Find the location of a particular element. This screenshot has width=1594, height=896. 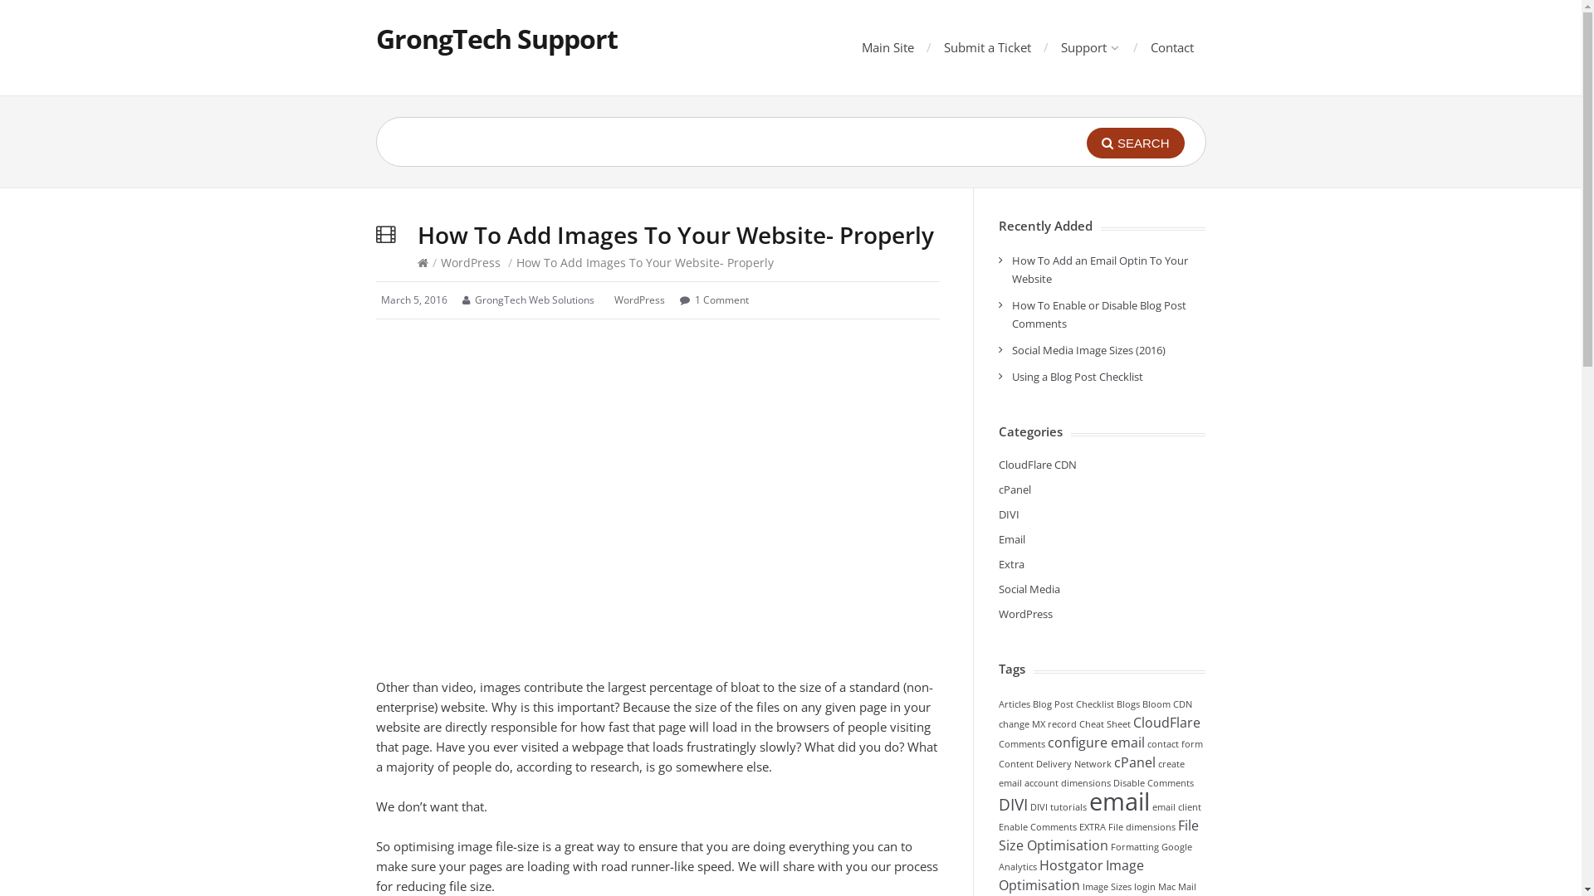

'File Size Optimisation' is located at coordinates (1098, 835).